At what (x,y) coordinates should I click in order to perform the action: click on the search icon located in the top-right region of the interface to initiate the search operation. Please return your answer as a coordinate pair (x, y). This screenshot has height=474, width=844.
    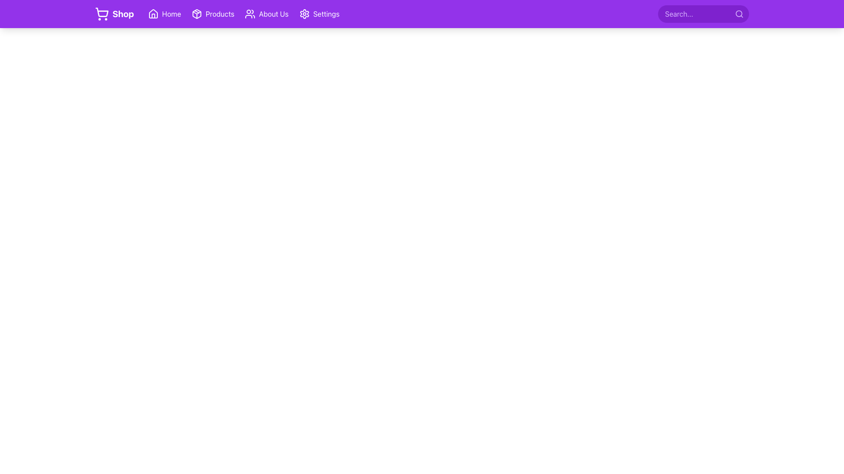
    Looking at the image, I should click on (738, 14).